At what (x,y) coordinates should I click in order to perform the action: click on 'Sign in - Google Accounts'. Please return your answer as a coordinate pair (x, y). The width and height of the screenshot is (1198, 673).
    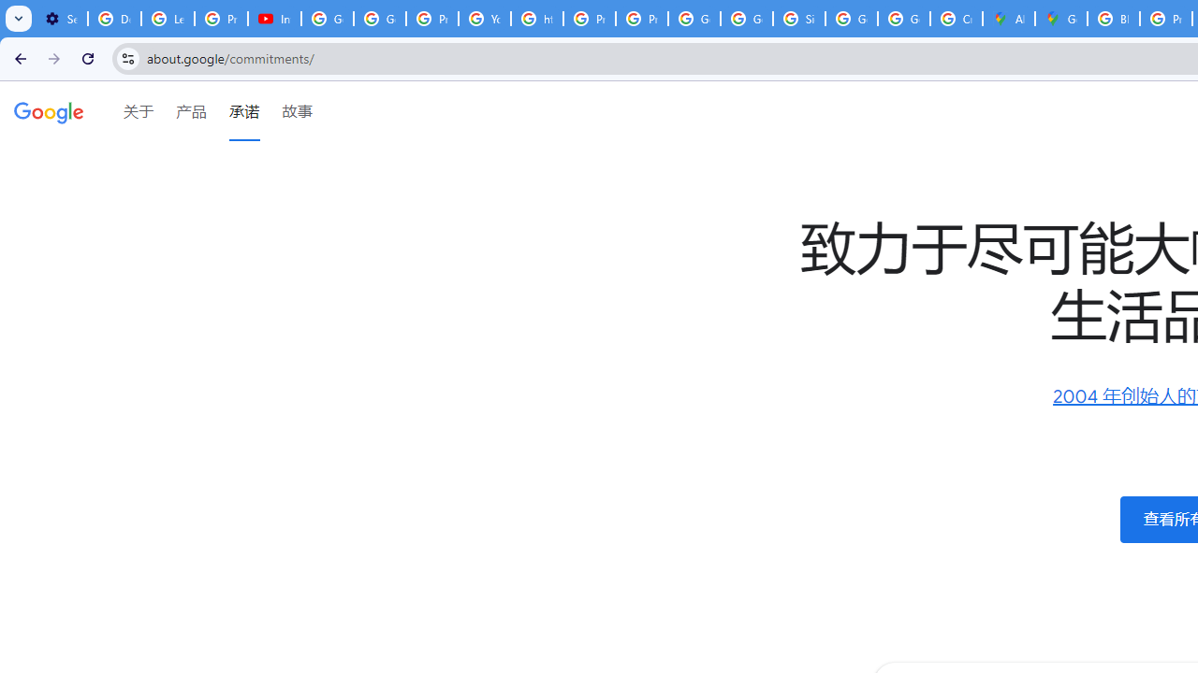
    Looking at the image, I should click on (798, 19).